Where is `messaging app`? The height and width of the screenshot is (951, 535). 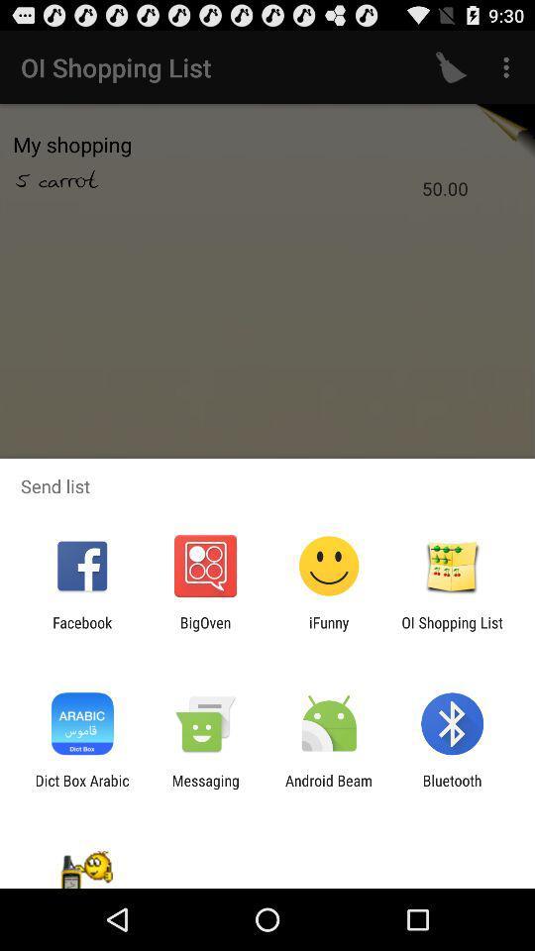
messaging app is located at coordinates (204, 789).